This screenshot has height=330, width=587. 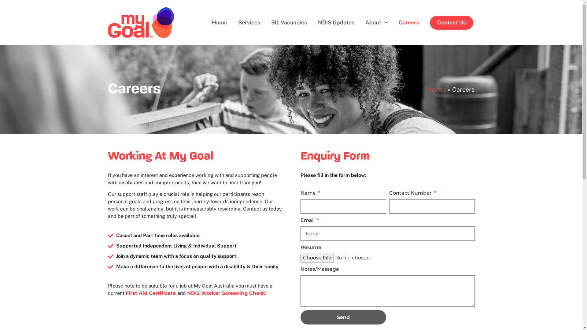 What do you see at coordinates (343, 317) in the screenshot?
I see `'Send'` at bounding box center [343, 317].